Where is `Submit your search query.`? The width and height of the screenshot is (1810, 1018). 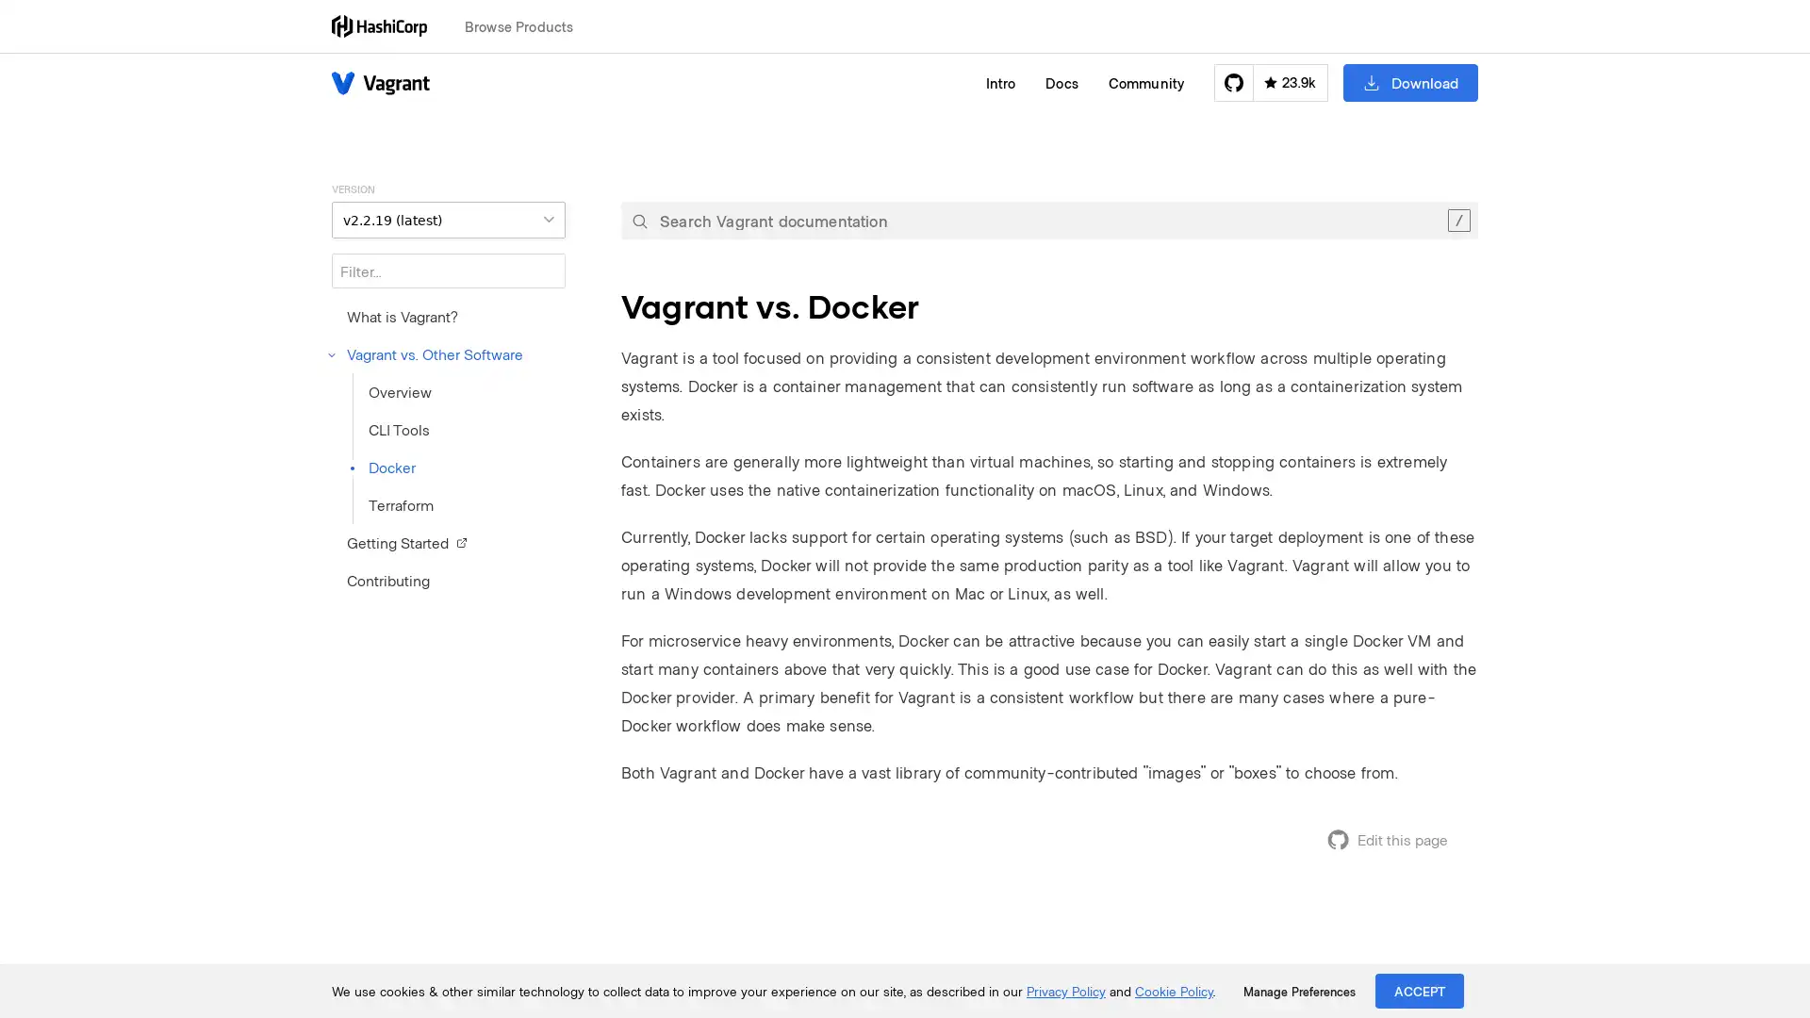 Submit your search query. is located at coordinates (639, 220).